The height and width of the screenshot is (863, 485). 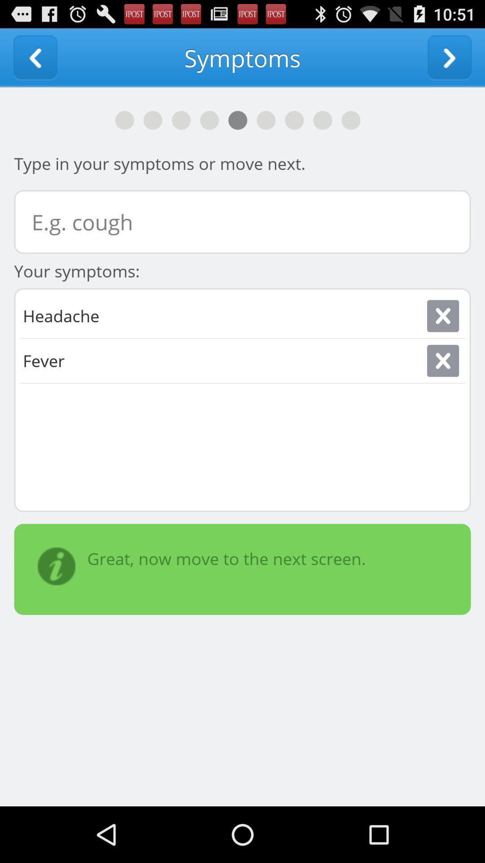 I want to click on symptoms textbox, so click(x=242, y=222).